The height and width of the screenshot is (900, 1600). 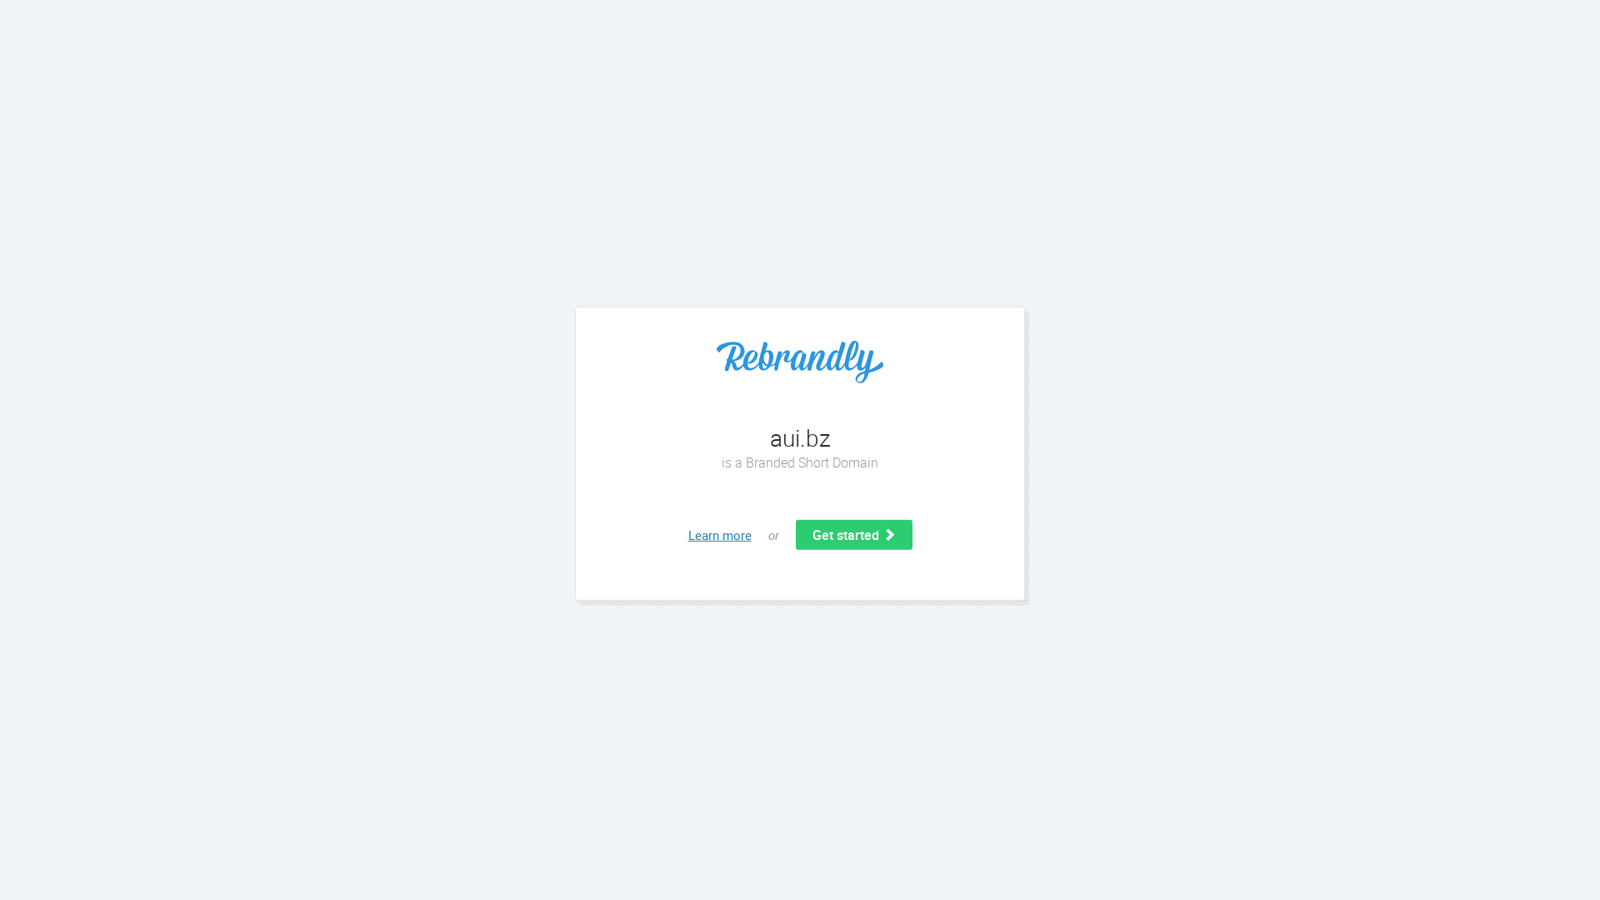 What do you see at coordinates (794, 534) in the screenshot?
I see `'Get started'` at bounding box center [794, 534].